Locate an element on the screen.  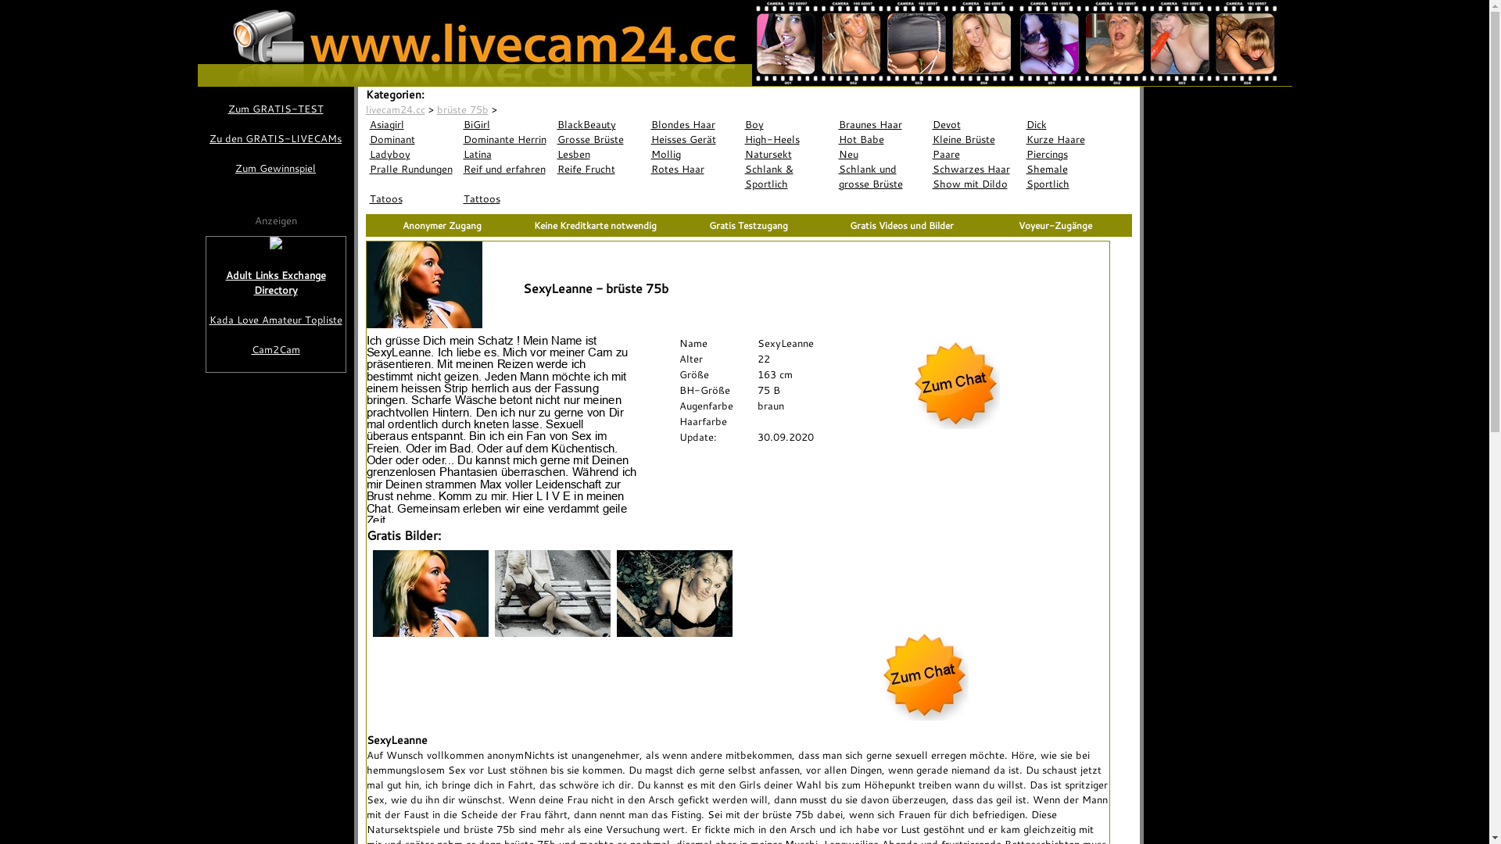
'Shemale' is located at coordinates (1069, 169).